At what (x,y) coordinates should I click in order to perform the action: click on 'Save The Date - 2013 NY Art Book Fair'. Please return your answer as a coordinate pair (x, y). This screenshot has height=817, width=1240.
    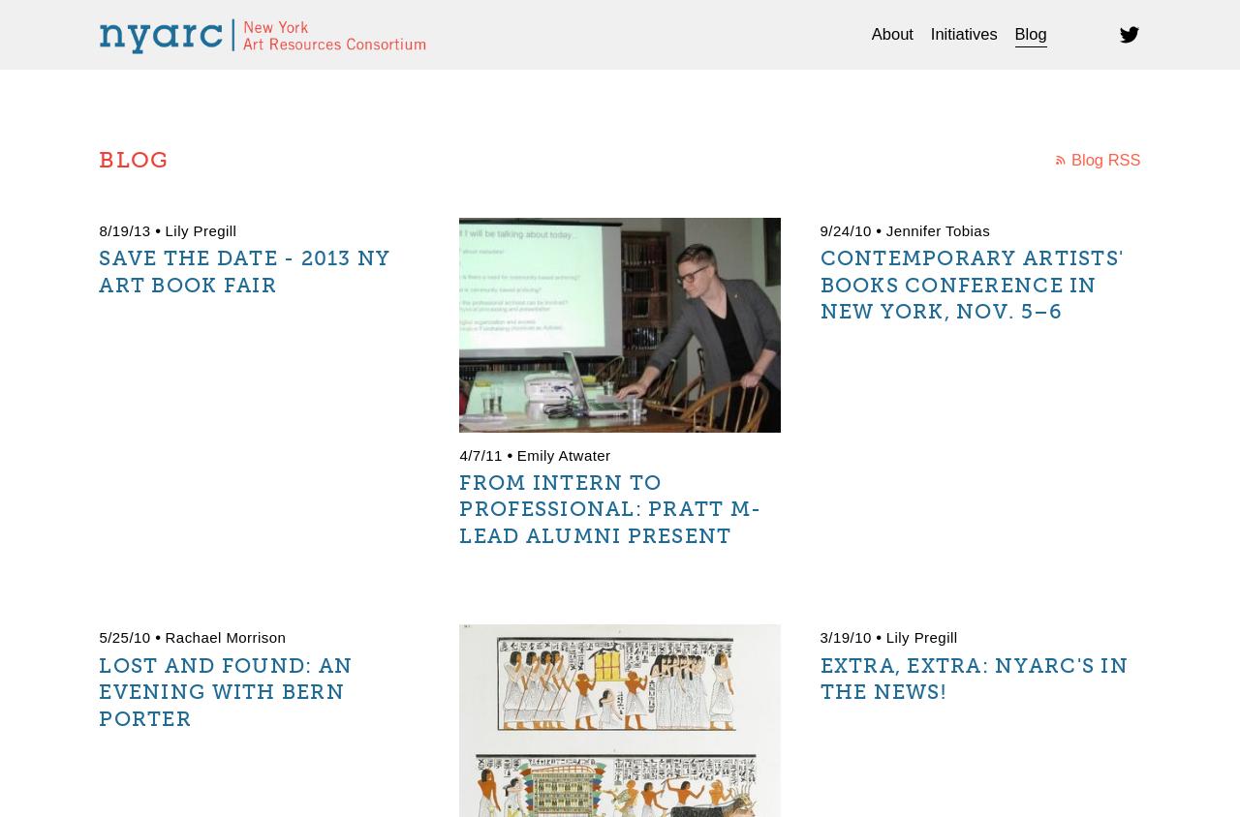
    Looking at the image, I should click on (243, 270).